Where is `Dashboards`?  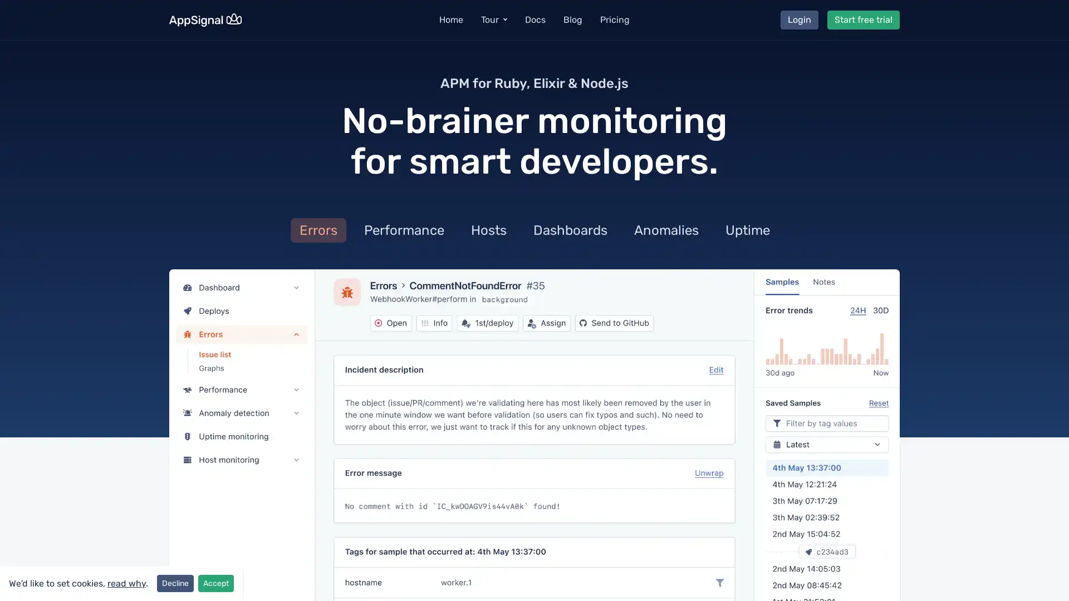 Dashboards is located at coordinates (570, 229).